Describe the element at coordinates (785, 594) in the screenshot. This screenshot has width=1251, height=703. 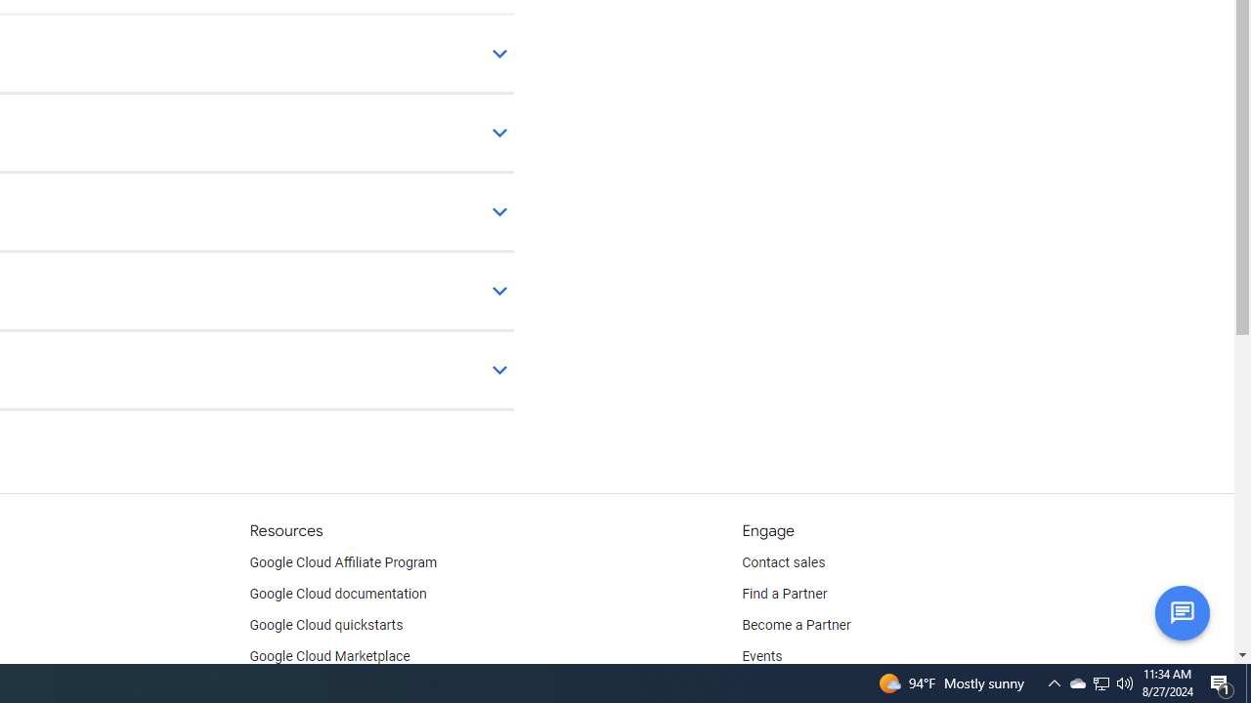
I see `'Find a Partner'` at that location.